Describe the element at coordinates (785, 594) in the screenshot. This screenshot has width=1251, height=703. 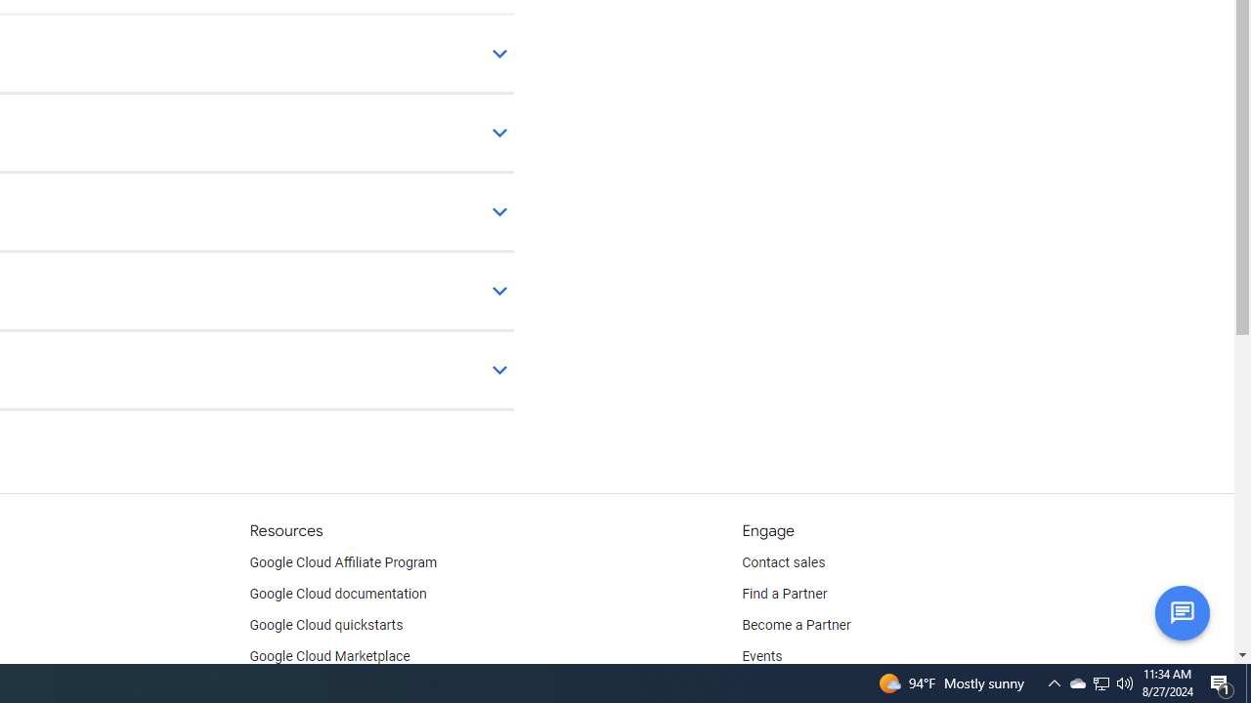
I see `'Find a Partner'` at that location.